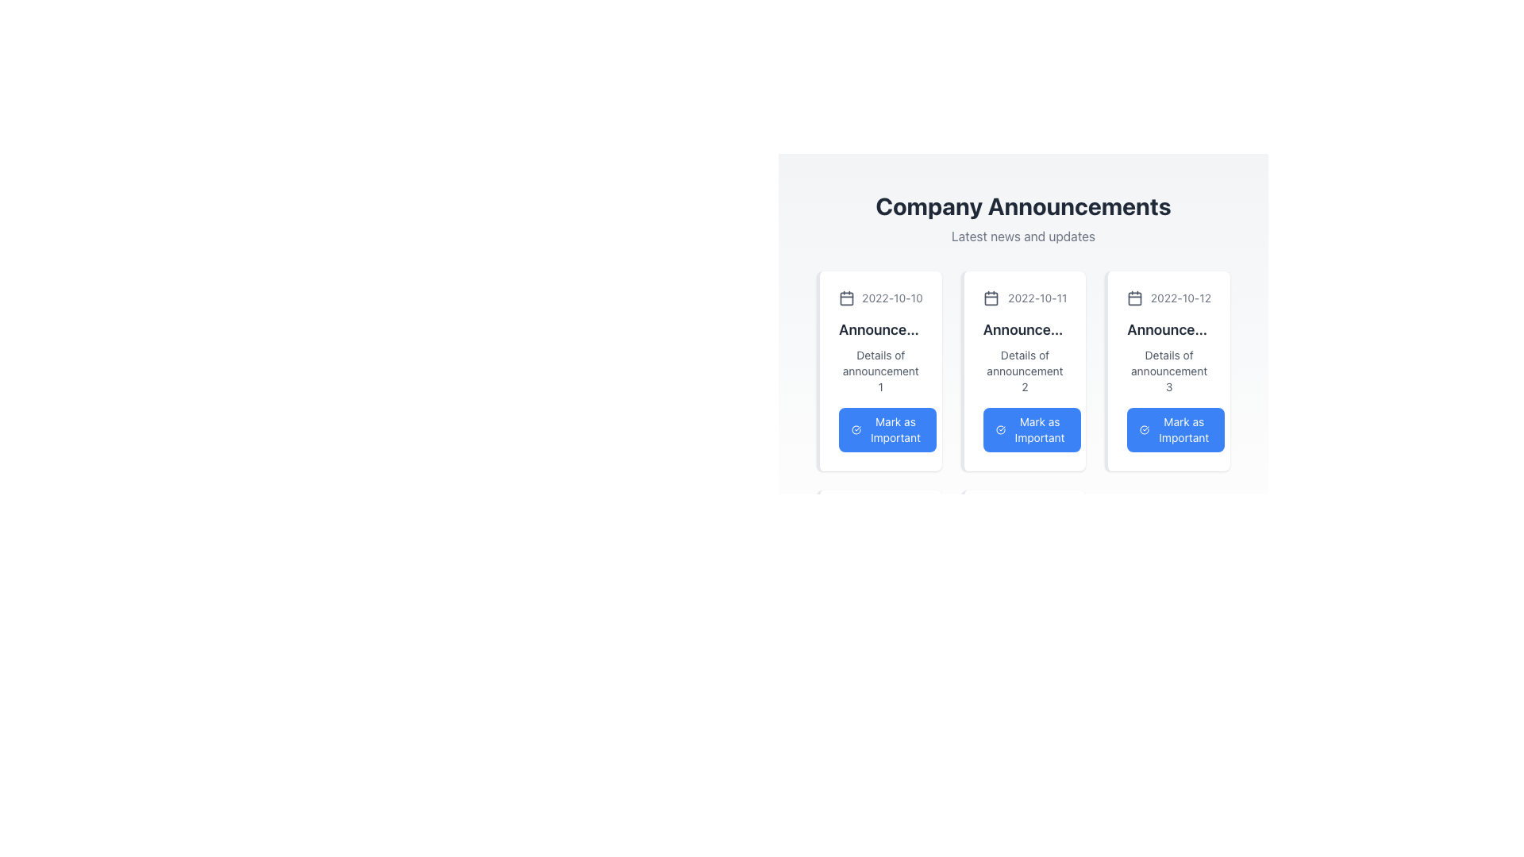 The image size is (1524, 857). I want to click on text label that states 'Details of announcement 2' located below the title 'Announcement 2' within its announcement card, so click(1025, 371).